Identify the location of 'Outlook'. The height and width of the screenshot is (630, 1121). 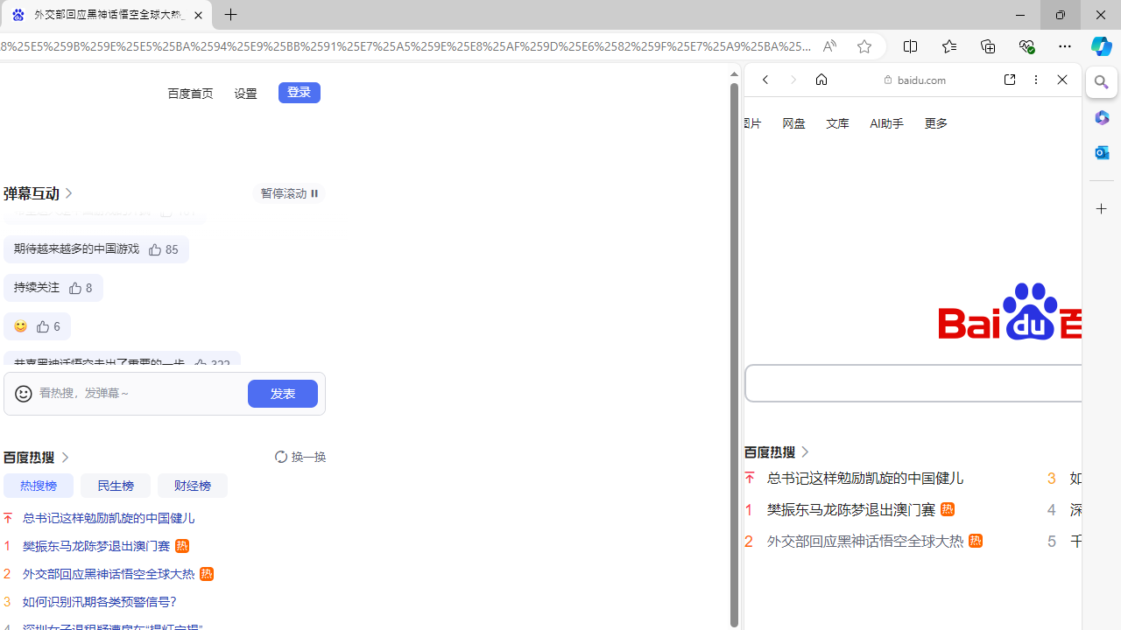
(1101, 151).